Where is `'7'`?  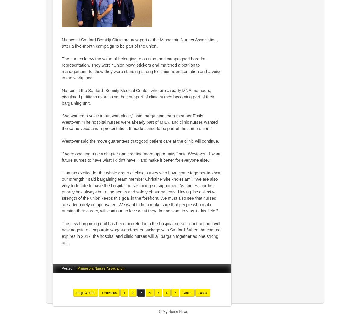 '7' is located at coordinates (173, 293).